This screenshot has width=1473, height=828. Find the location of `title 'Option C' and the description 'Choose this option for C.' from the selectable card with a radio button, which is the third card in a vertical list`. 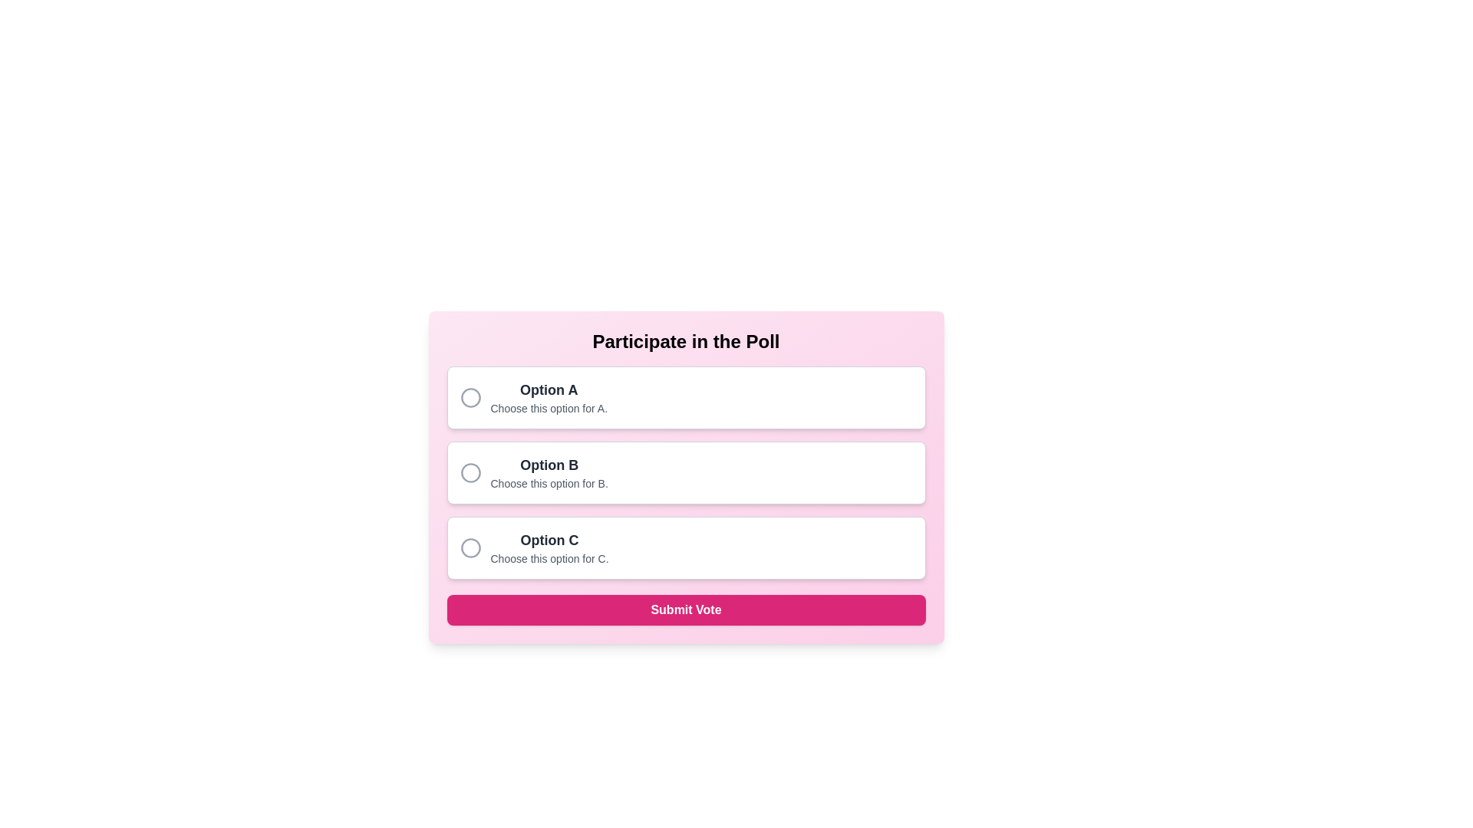

title 'Option C' and the description 'Choose this option for C.' from the selectable card with a radio button, which is the third card in a vertical list is located at coordinates (685, 547).